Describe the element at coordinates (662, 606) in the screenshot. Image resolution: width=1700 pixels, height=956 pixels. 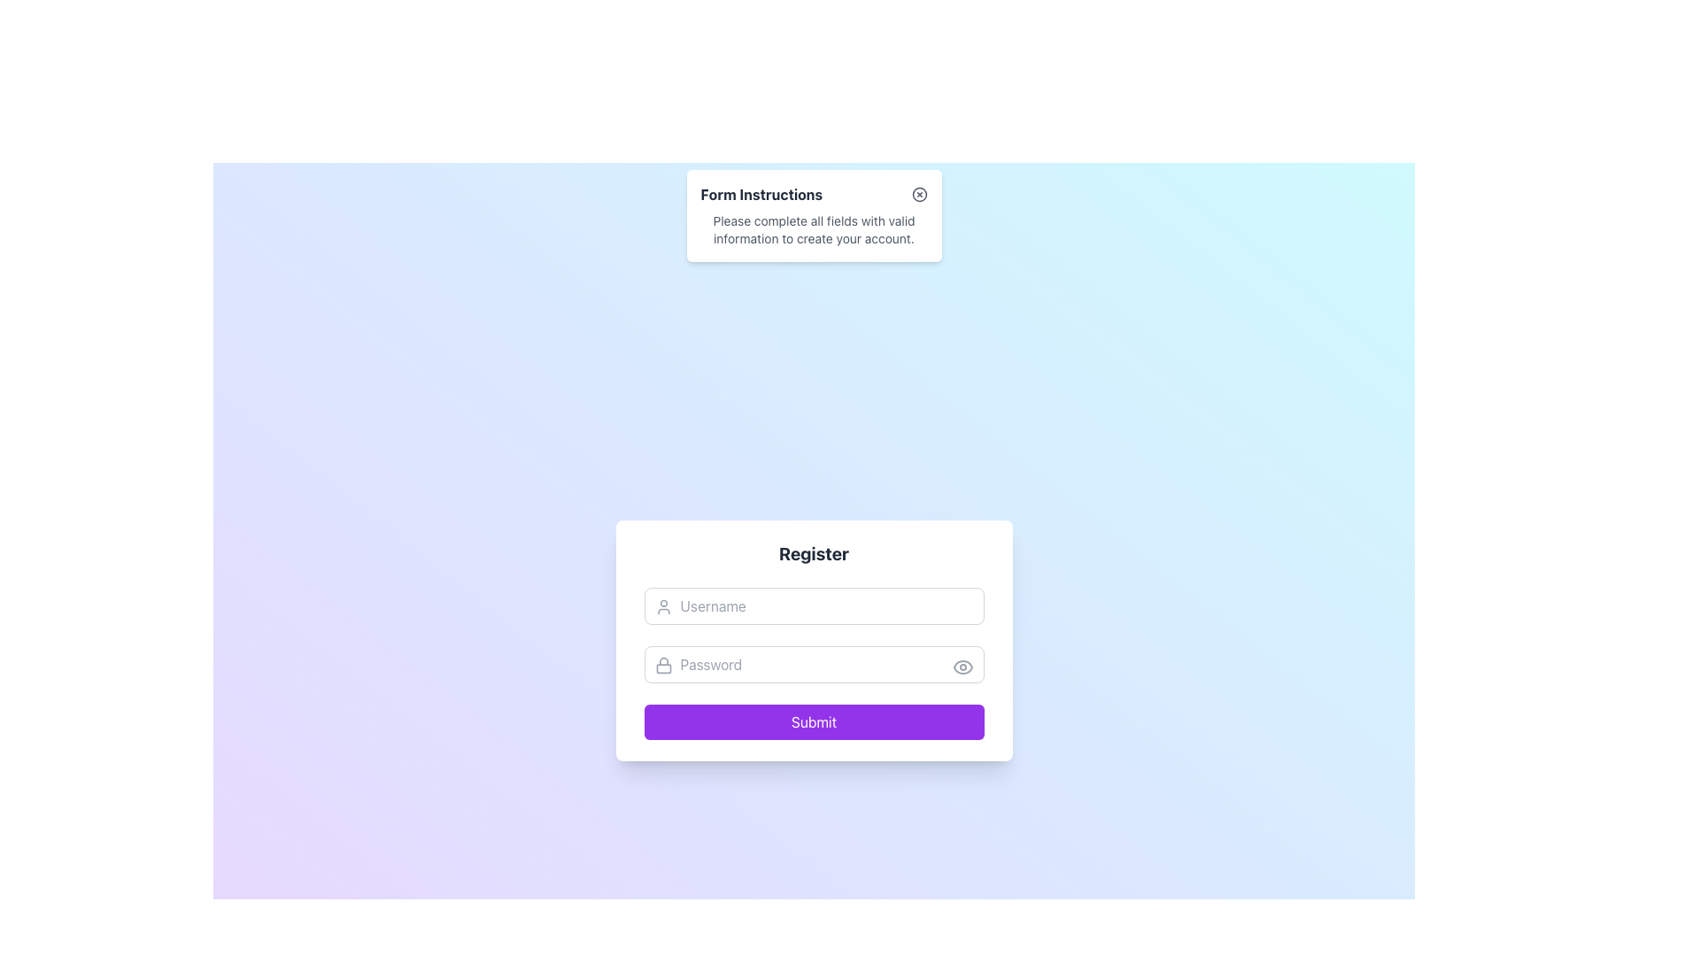
I see `the user-profile-like icon, which is a small circular outline located at the top-left corner of the username input field in the registration form` at that location.